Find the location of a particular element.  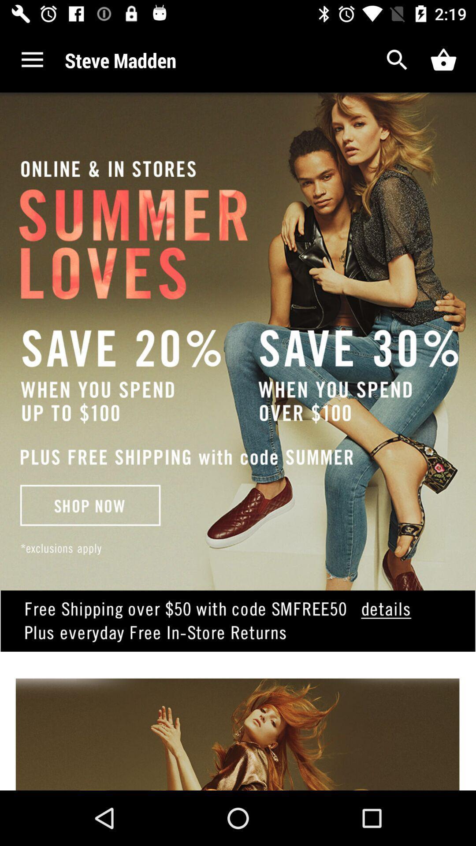

see the details is located at coordinates (238, 634).